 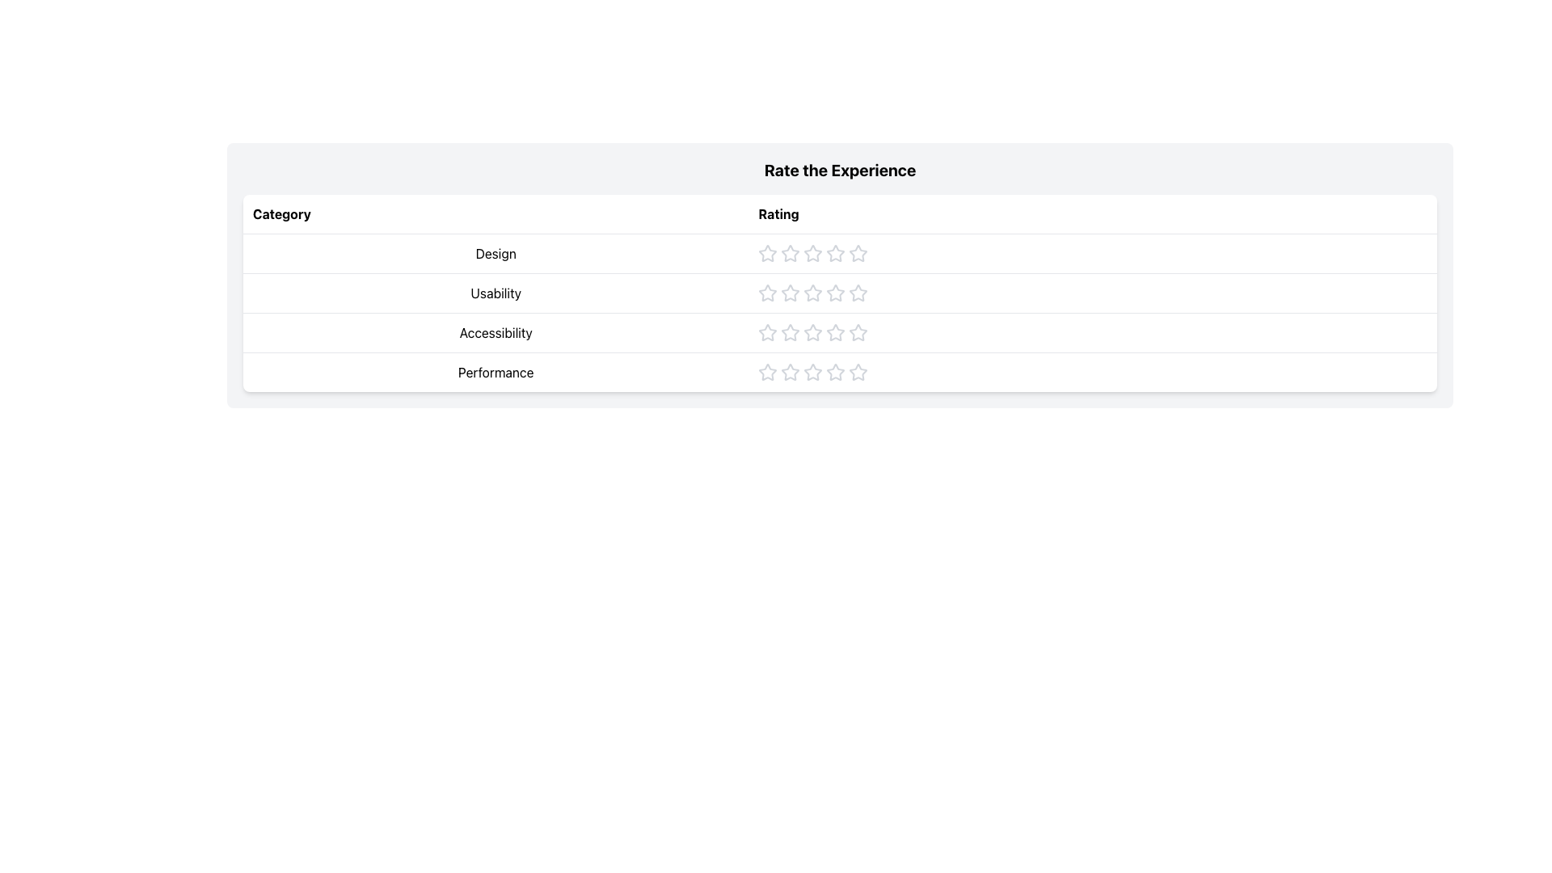 I want to click on the second star icon in the 5-star rating scale to assign a rating of 2 out of 5 for the 'Performance' category, so click(x=791, y=372).